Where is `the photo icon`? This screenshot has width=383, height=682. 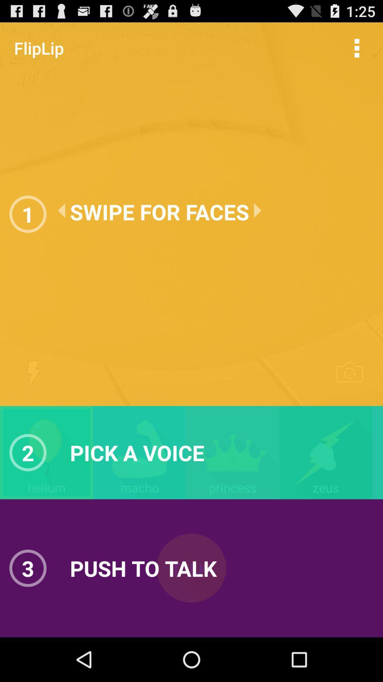
the photo icon is located at coordinates (349, 399).